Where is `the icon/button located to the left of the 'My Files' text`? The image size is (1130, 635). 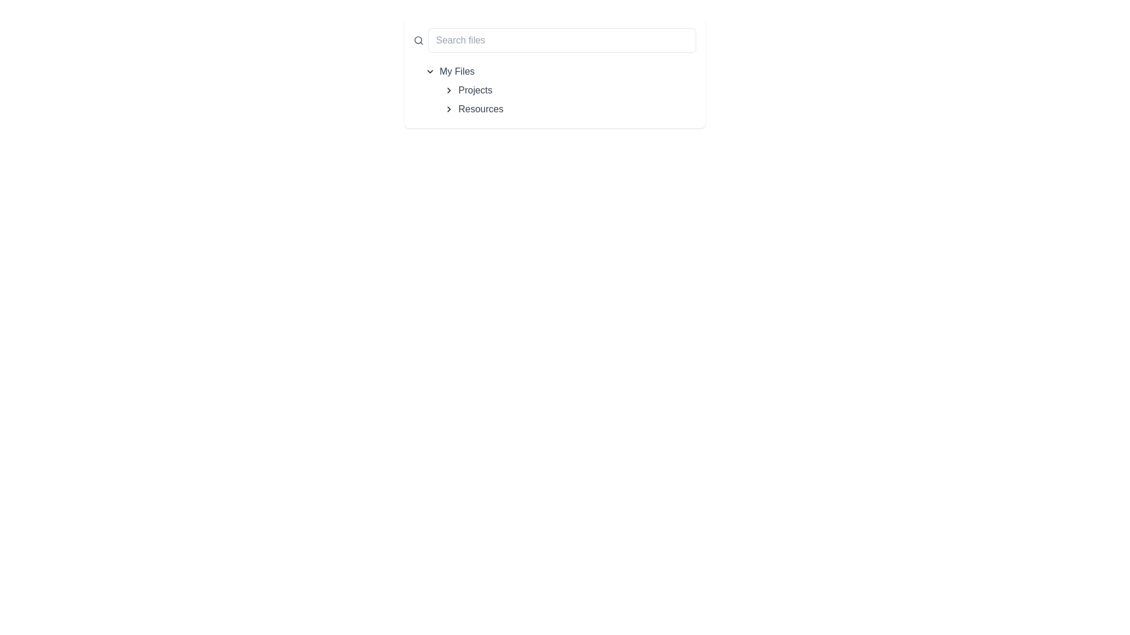
the icon/button located to the left of the 'My Files' text is located at coordinates (429, 72).